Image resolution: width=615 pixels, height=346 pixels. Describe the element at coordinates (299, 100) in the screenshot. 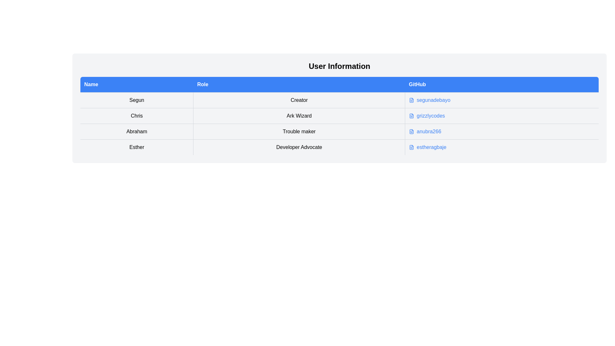

I see `text in the second cell of the first row of the table, which provides additional descriptive information about the user 'Segun'` at that location.